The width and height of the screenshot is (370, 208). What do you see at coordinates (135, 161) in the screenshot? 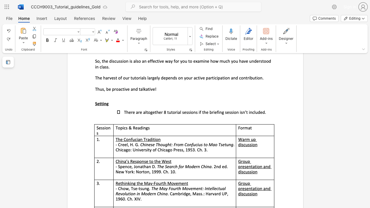
I see `the subset text "sponse to the We" within the text "China’s Response to the West"` at bounding box center [135, 161].